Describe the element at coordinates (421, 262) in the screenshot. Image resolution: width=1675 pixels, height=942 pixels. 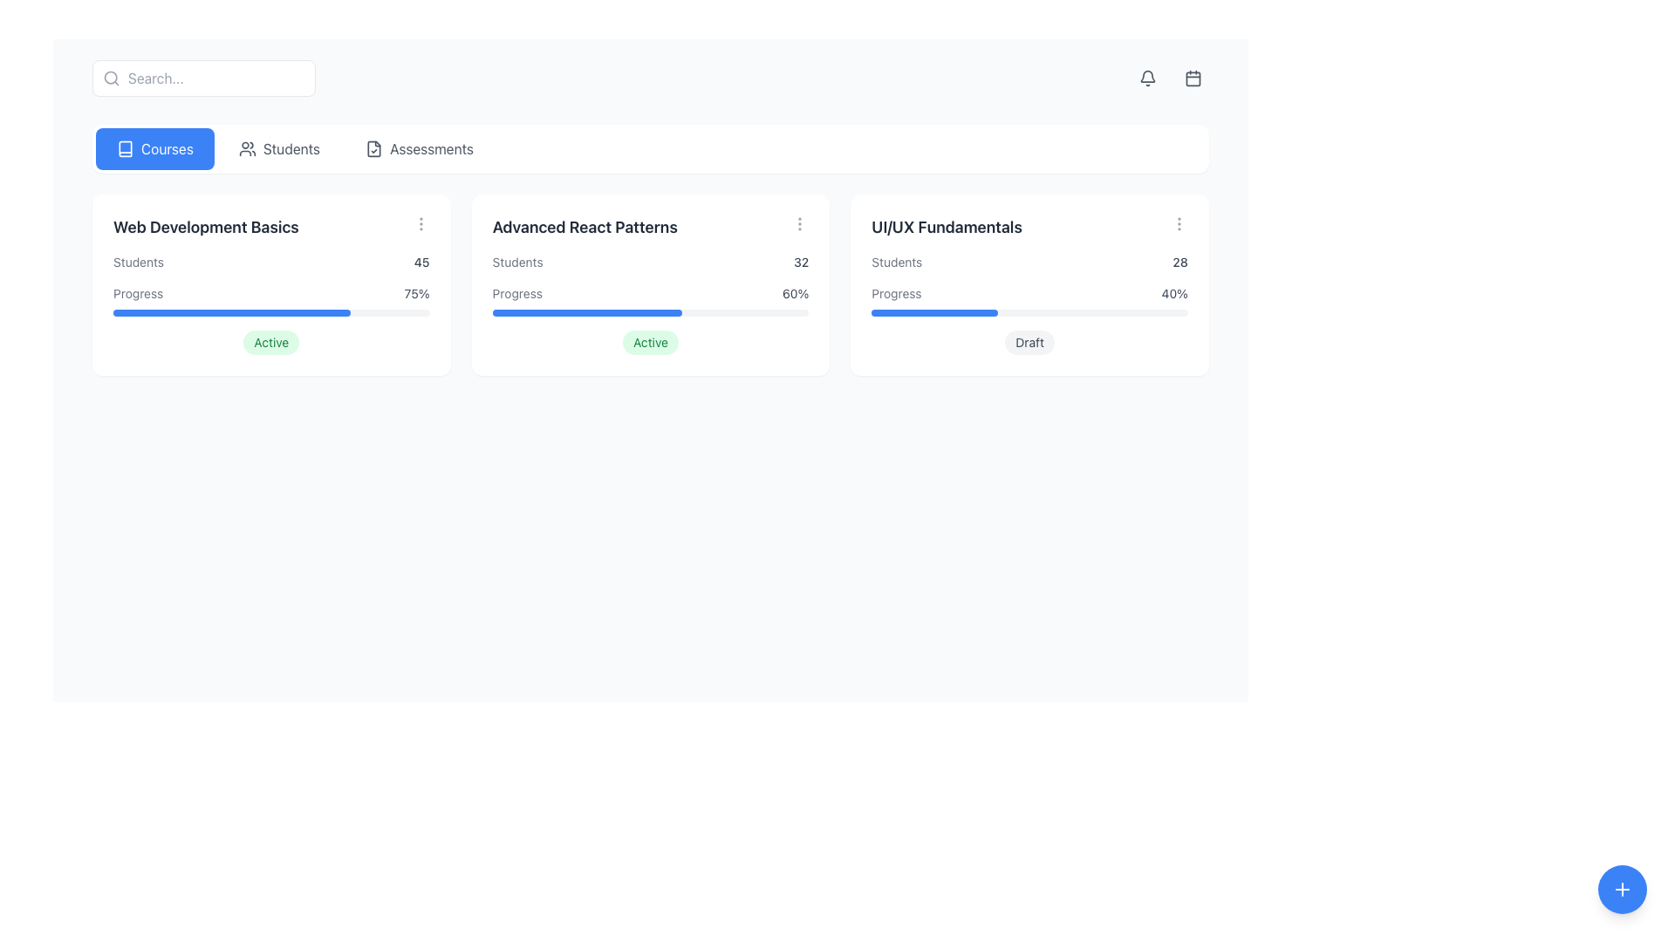
I see `the Text label displaying '45', which is located in the top-right corner of the 'Web Development Basics' card and is styled with a medium-weight font in dark gray color` at that location.